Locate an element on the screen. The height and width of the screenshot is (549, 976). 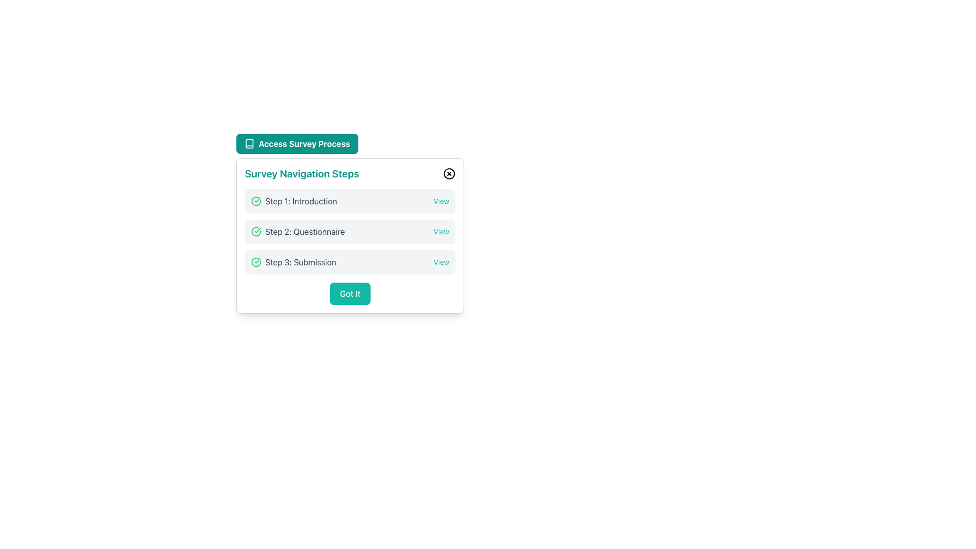
text label indicating the first step in the survey navigation process, which is positioned to the right of a green checkmark icon within the 'Survey Navigation Steps' section of a modal window is located at coordinates (300, 201).